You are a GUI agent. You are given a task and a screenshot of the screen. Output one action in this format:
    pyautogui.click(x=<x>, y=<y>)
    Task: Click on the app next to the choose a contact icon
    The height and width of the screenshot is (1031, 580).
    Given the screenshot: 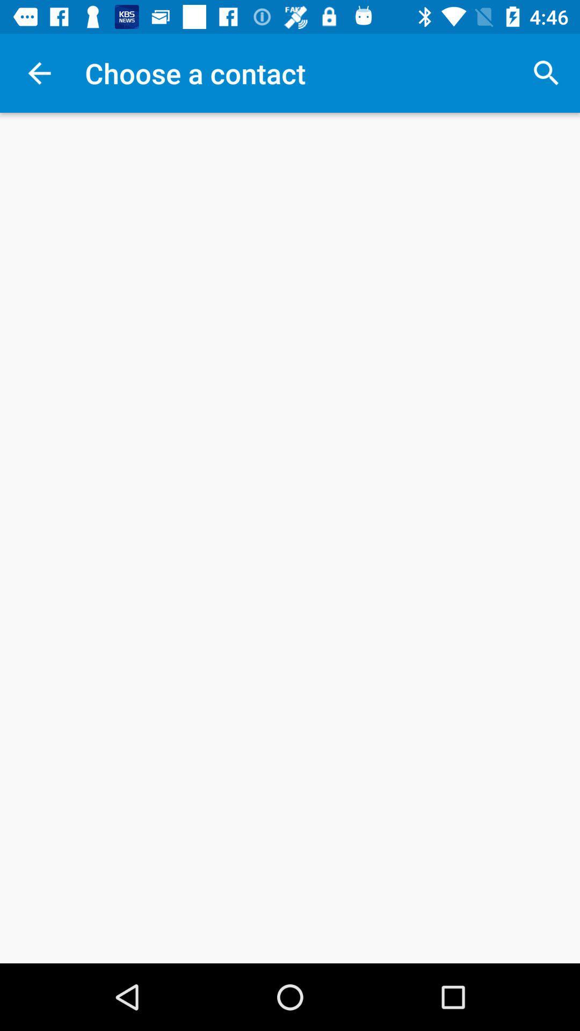 What is the action you would take?
    pyautogui.click(x=546, y=72)
    